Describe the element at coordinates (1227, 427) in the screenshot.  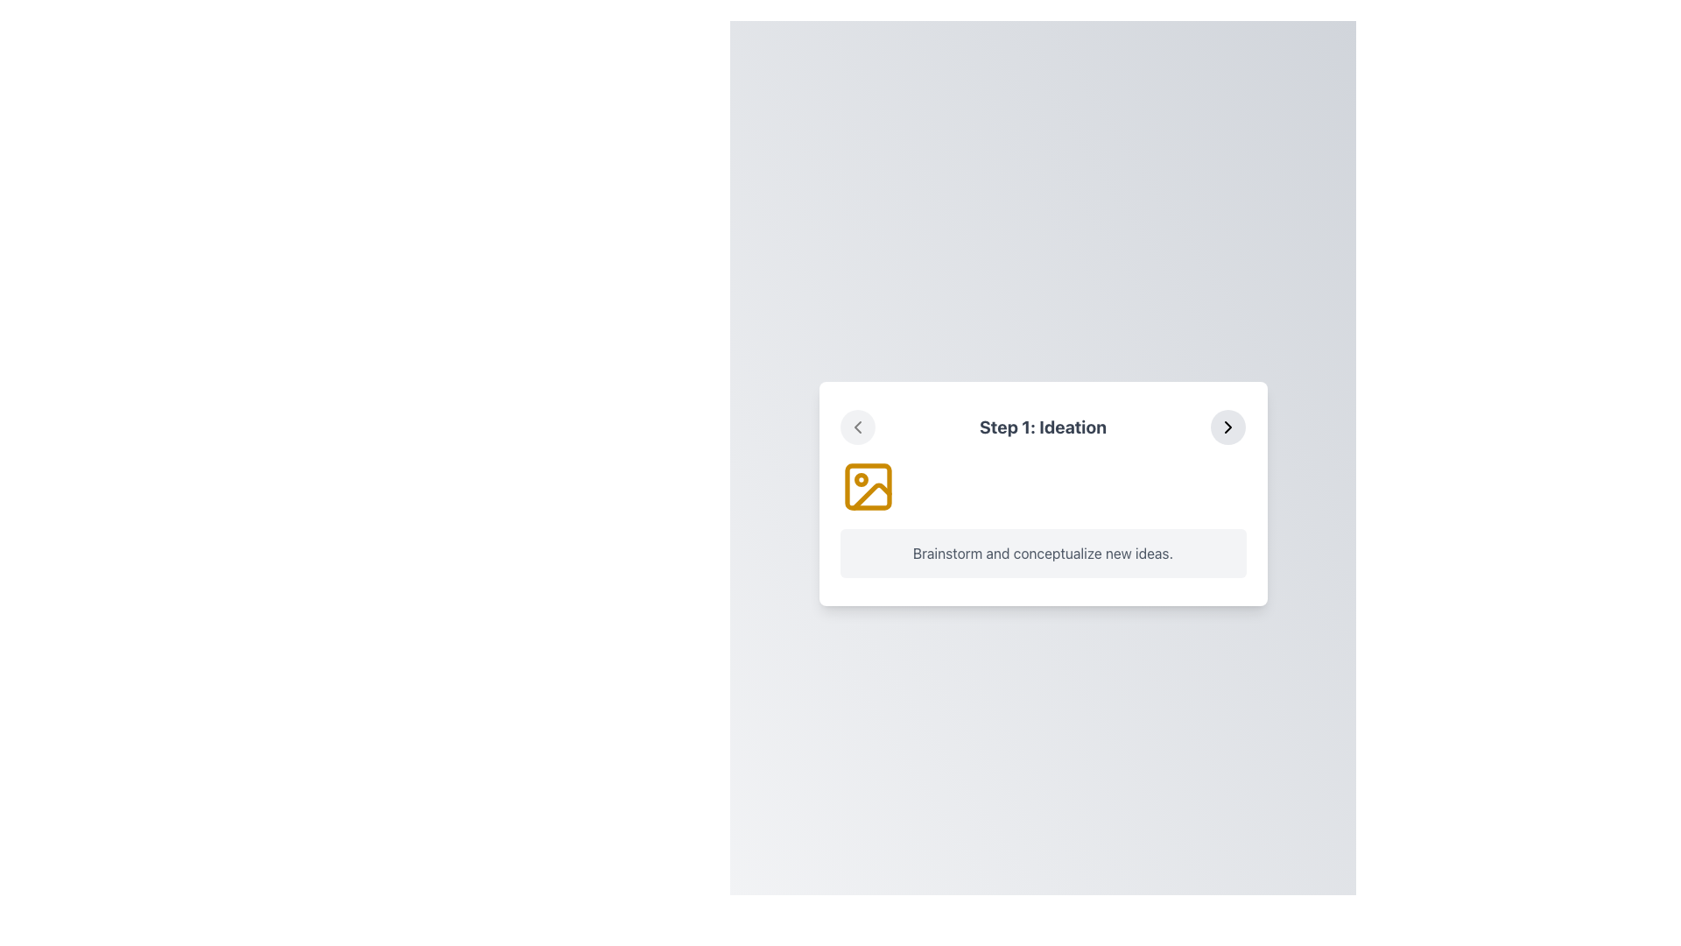
I see `the chevron icon in the upper-right corner of the interface` at that location.